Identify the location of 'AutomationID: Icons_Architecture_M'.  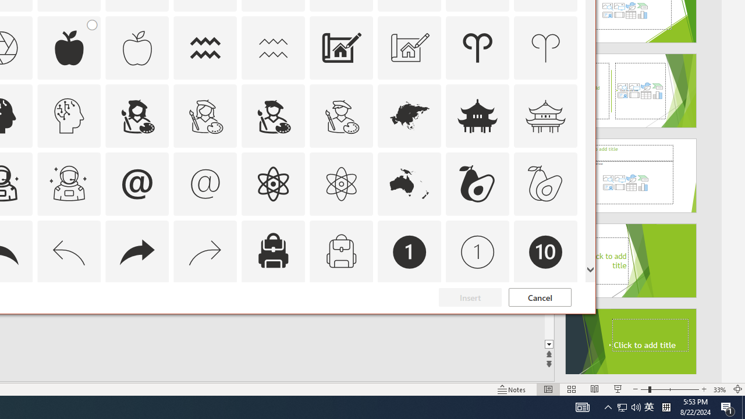
(410, 47).